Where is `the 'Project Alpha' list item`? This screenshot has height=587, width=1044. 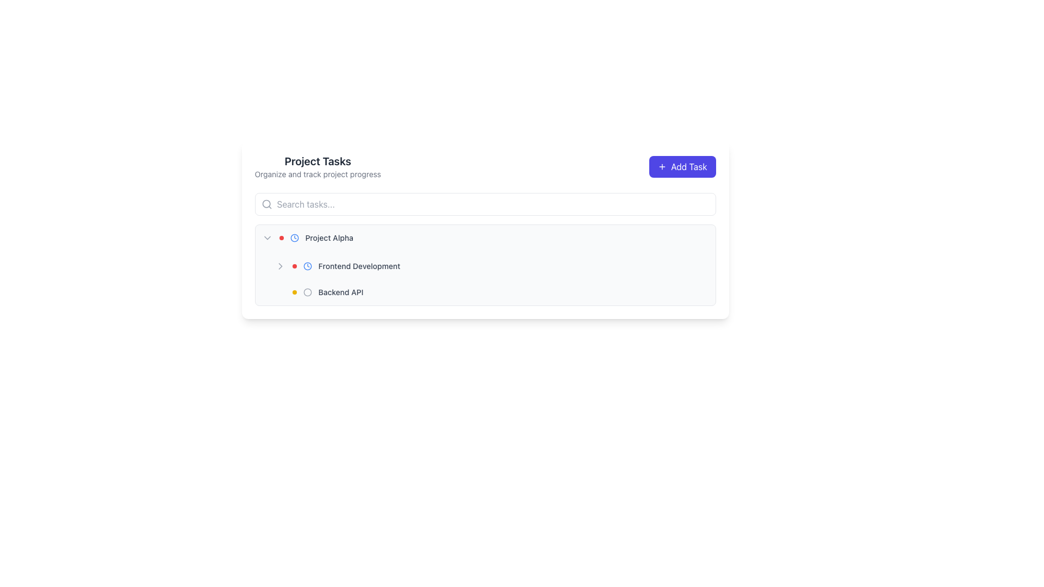 the 'Project Alpha' list item is located at coordinates (478, 238).